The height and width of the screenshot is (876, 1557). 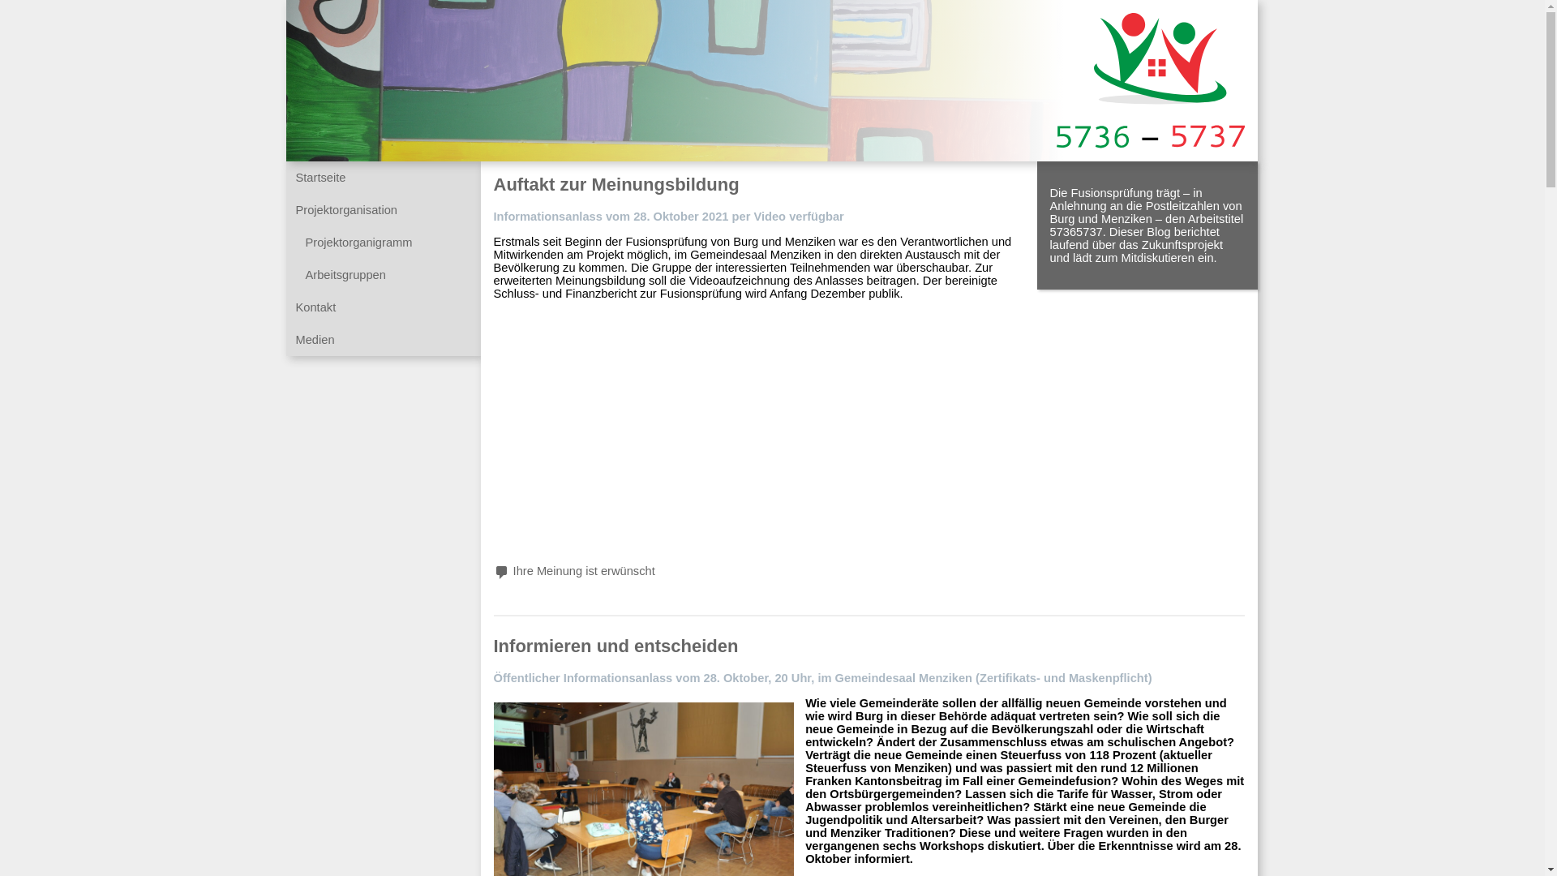 I want to click on 'Projektorganigramm', so click(x=357, y=243).